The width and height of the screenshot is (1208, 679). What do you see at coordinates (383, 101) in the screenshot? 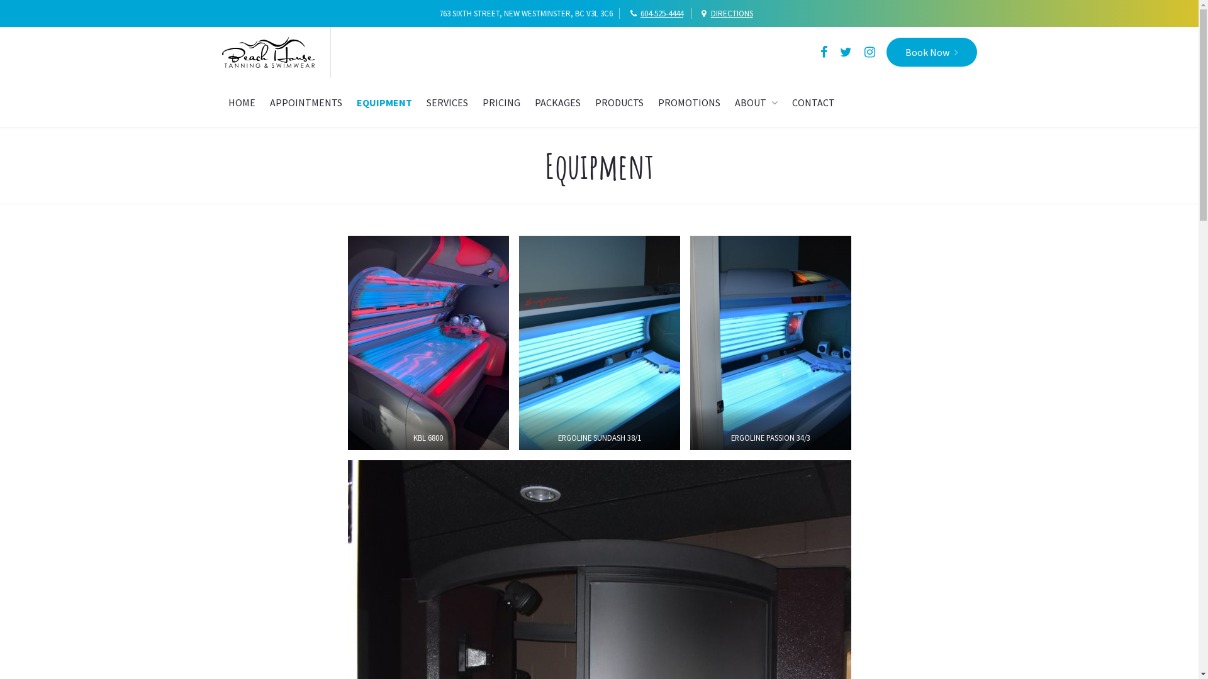
I see `'EQUIPMENT'` at bounding box center [383, 101].